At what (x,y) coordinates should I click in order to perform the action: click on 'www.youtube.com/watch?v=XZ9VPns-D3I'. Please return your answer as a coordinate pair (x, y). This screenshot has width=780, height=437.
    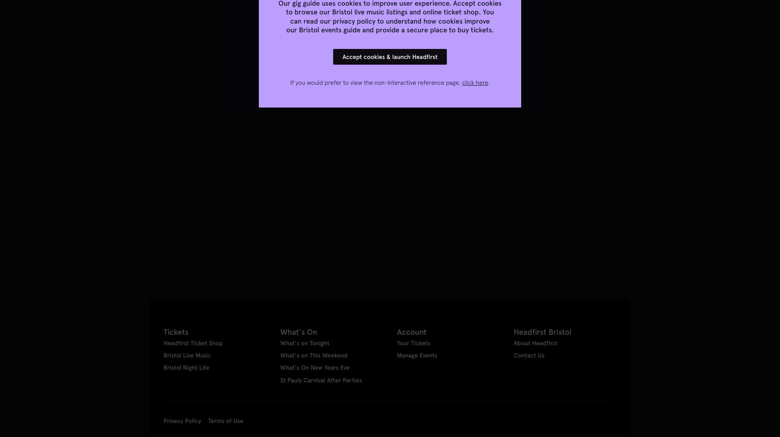
    Looking at the image, I should click on (211, 167).